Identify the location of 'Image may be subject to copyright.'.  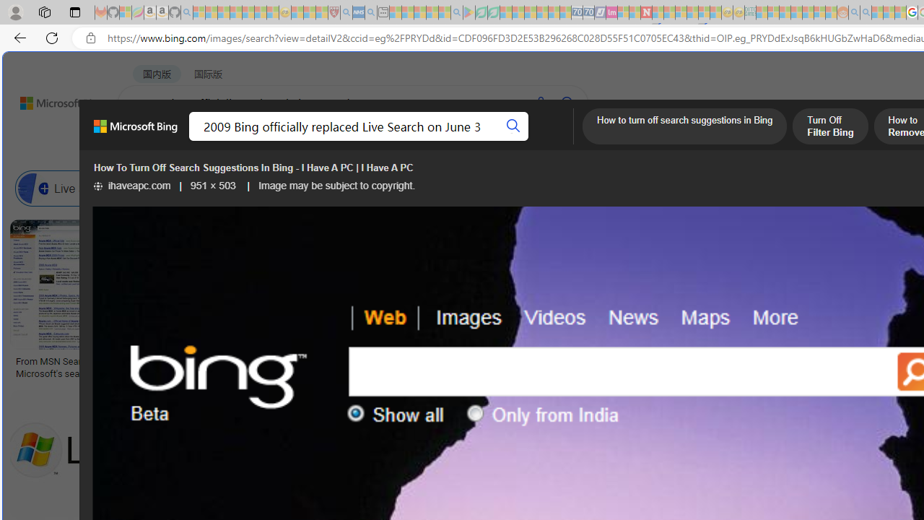
(336, 185).